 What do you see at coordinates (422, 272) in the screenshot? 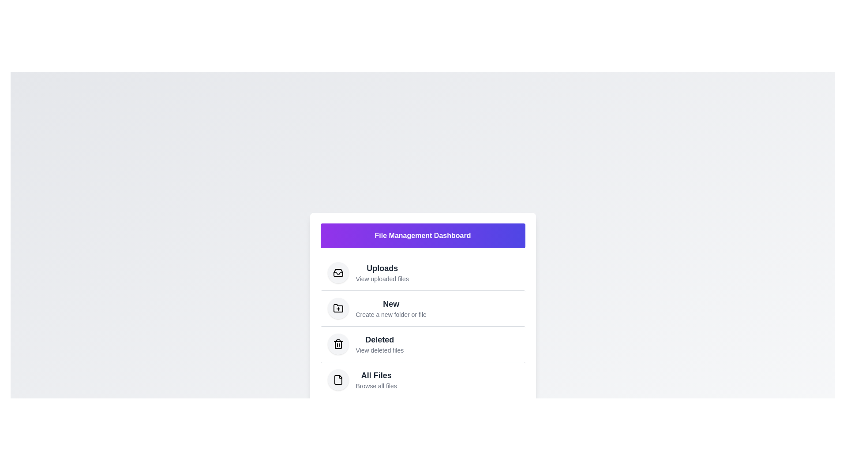
I see `the menu item 'Uploads' to trigger its visual feedback` at bounding box center [422, 272].